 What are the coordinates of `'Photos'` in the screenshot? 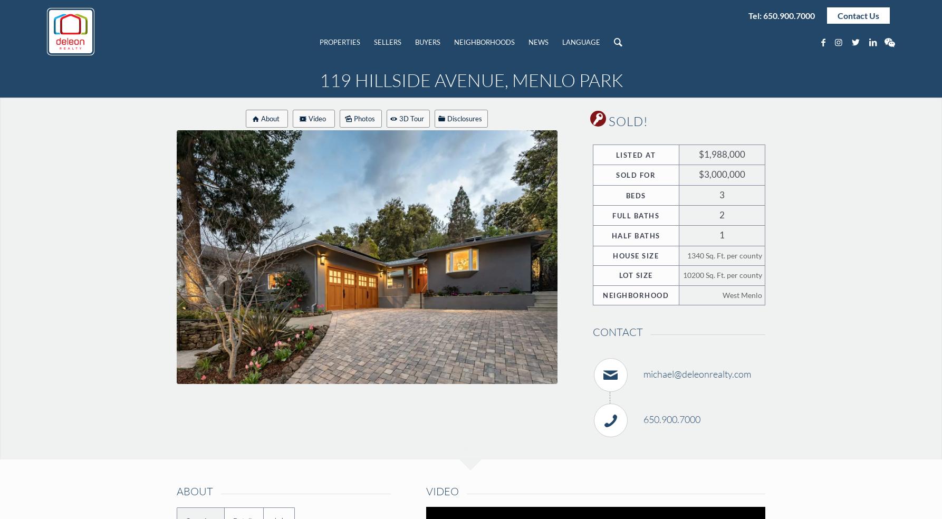 It's located at (363, 119).